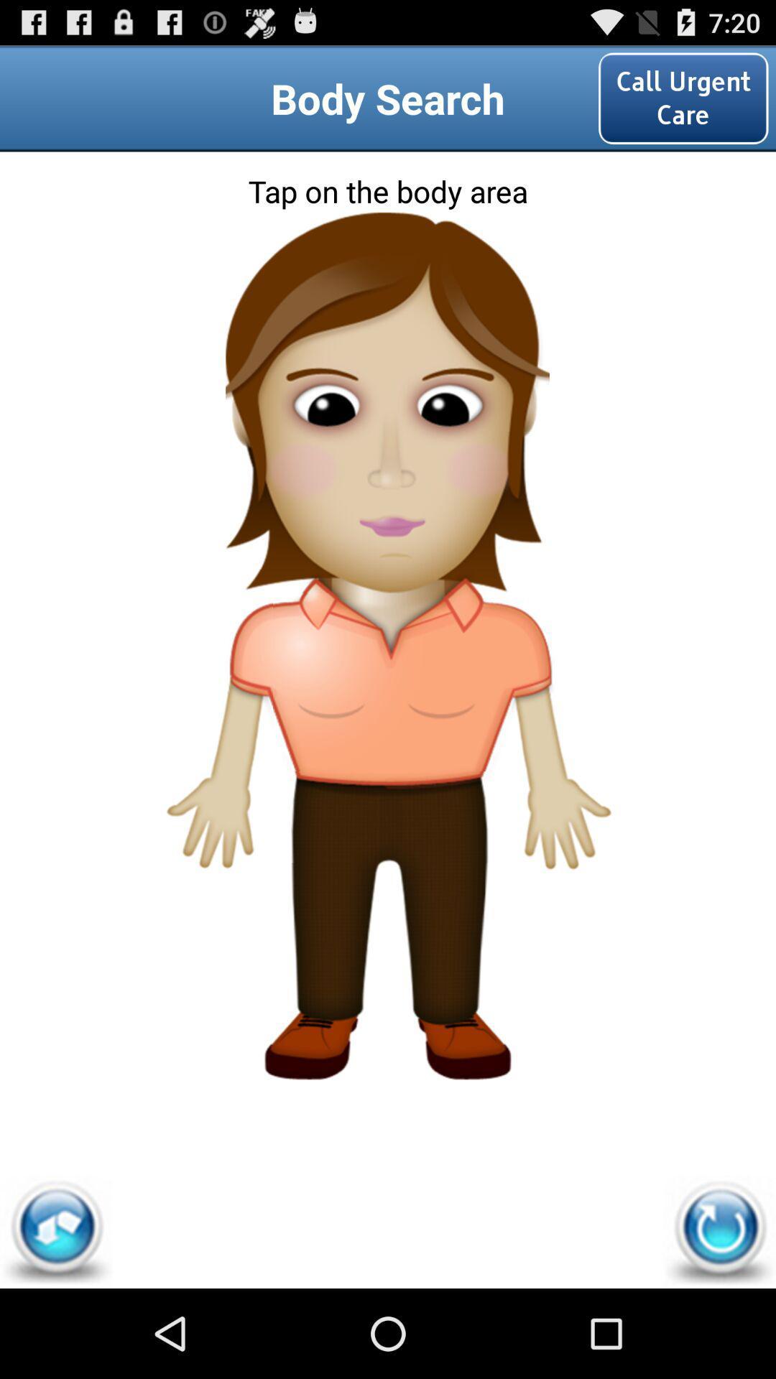 This screenshot has width=776, height=1379. I want to click on the item below the tap on the icon, so click(387, 275).